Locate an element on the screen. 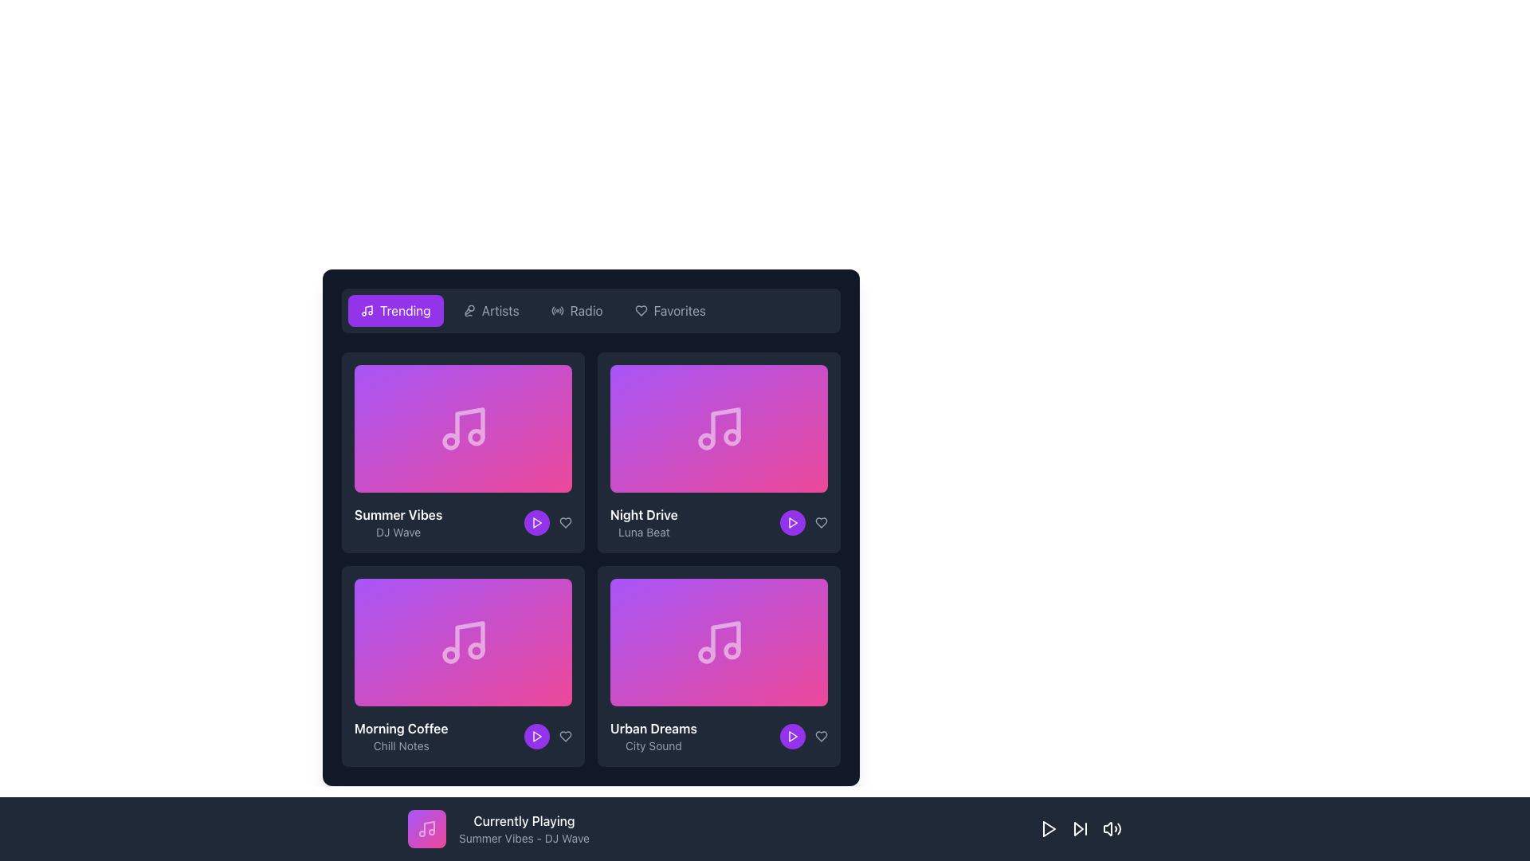 This screenshot has width=1530, height=861. the lower circle of the musical note icon in the 'Night Drive' card, located in the top-right corner of the card listing area is located at coordinates (705, 442).